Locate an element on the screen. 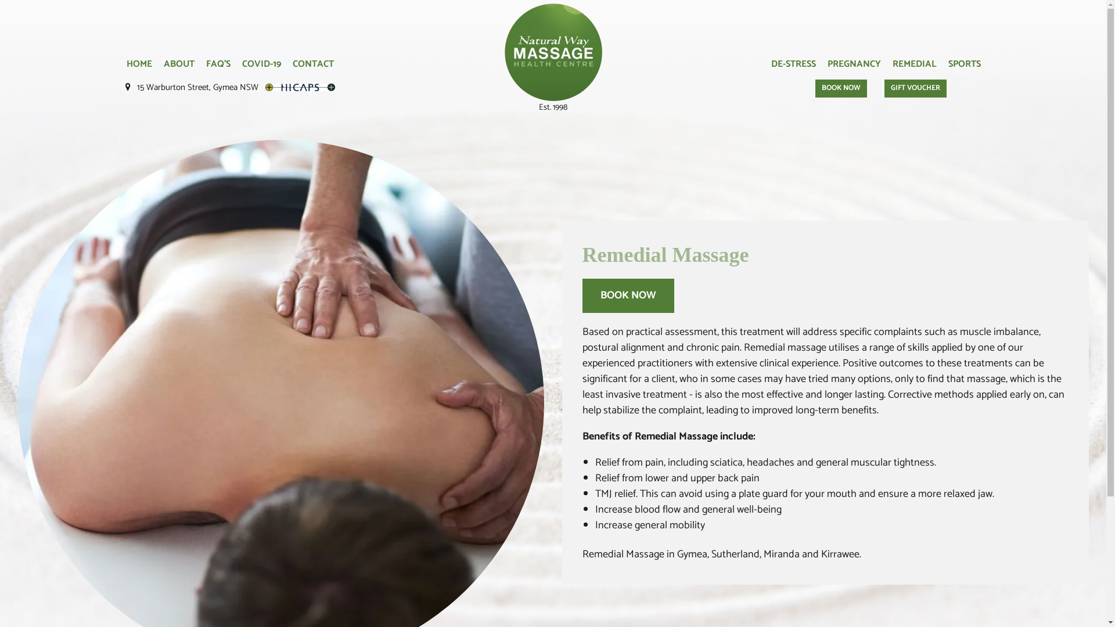 The image size is (1115, 627). 'GIFT VOUCHER' is located at coordinates (915, 88).